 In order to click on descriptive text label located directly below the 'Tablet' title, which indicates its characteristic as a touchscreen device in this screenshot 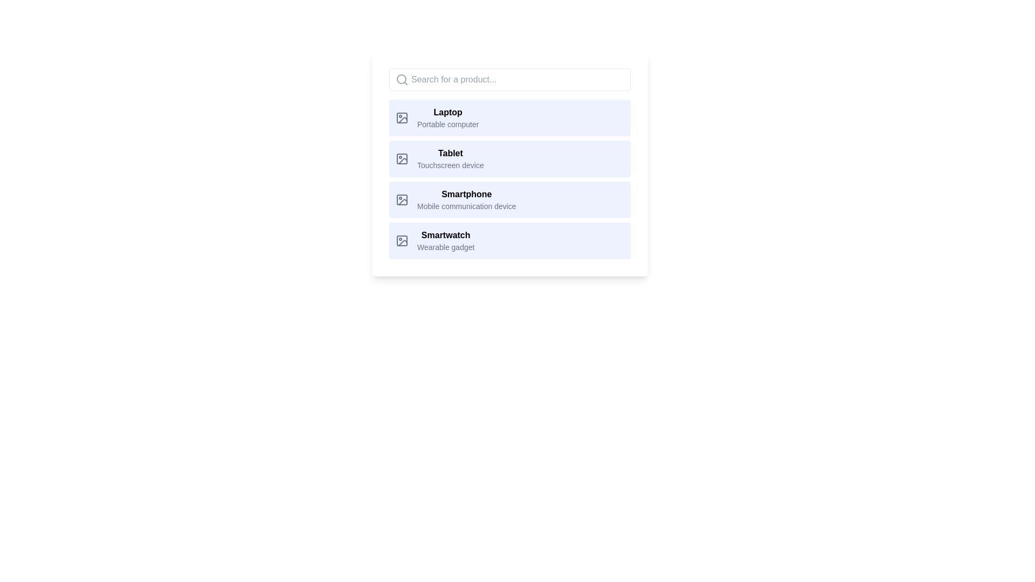, I will do `click(450, 165)`.